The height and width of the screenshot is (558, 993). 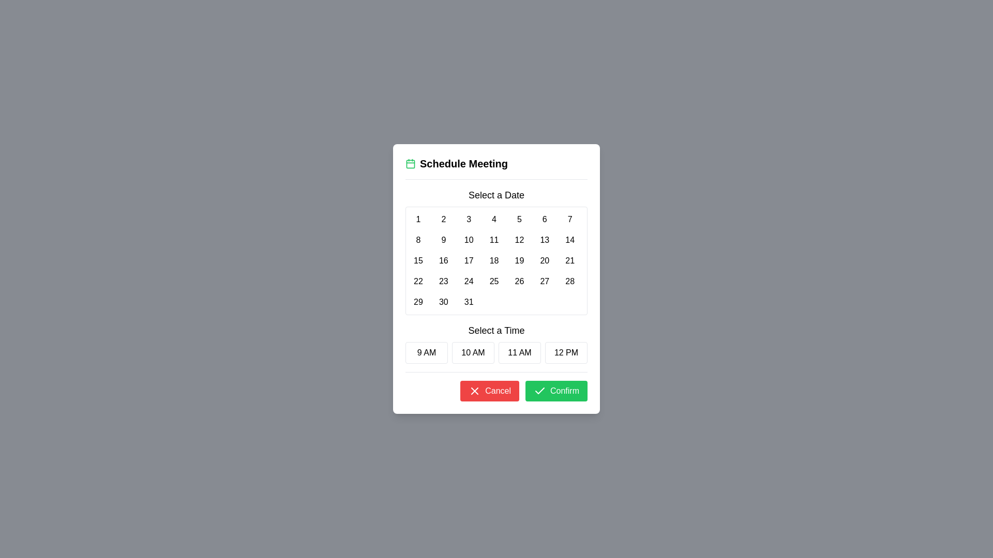 I want to click on the button displaying the number '22' in bold black font, located in the fourth row and first column of the grid within the 'Schedule Meeting' card for additional effects, so click(x=418, y=281).